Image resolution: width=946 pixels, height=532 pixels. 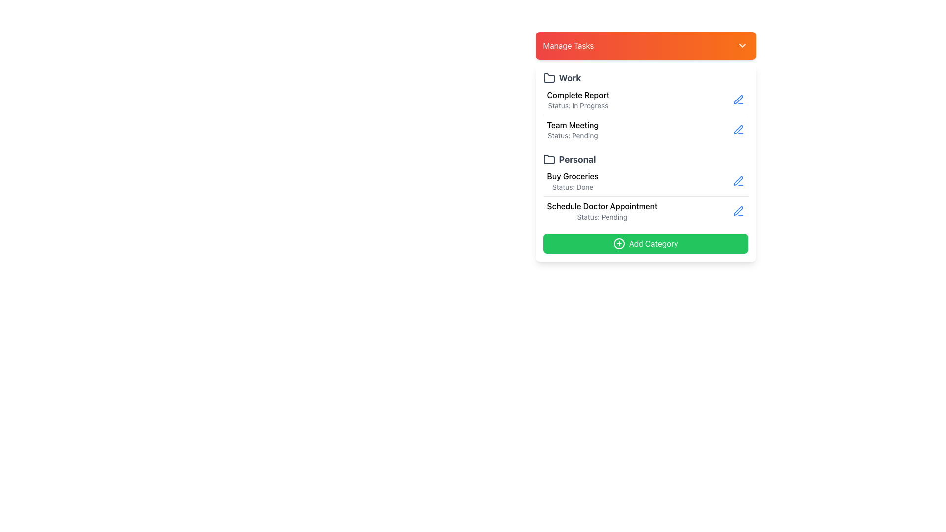 What do you see at coordinates (578, 100) in the screenshot?
I see `text content of the task item display titled 'Complete Report' with status 'In Progress' located under the 'Work' category in the task list` at bounding box center [578, 100].